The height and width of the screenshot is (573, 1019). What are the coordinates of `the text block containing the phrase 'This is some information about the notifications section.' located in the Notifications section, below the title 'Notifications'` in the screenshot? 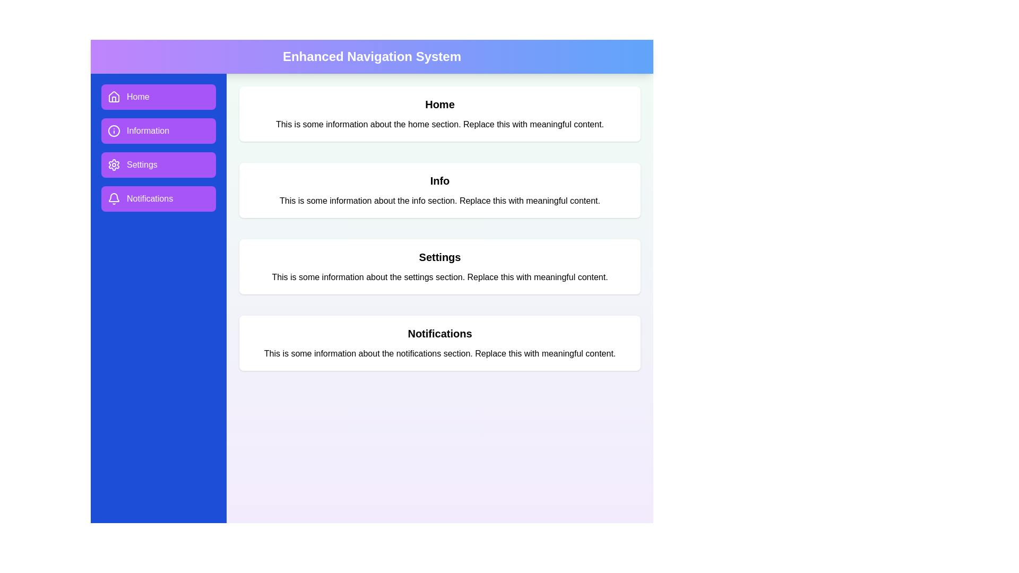 It's located at (440, 354).